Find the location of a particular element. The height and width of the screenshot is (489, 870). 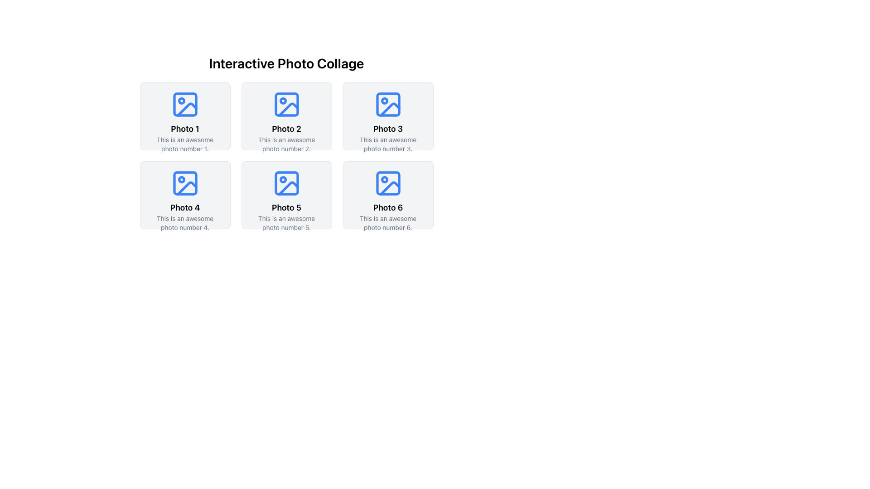

descriptive text located at the bottom section of the card labeled 'Photo 6', which is situated beneath the title text and image icon in the third column of the bottom row in a 3x2 grid layout is located at coordinates (388, 223).